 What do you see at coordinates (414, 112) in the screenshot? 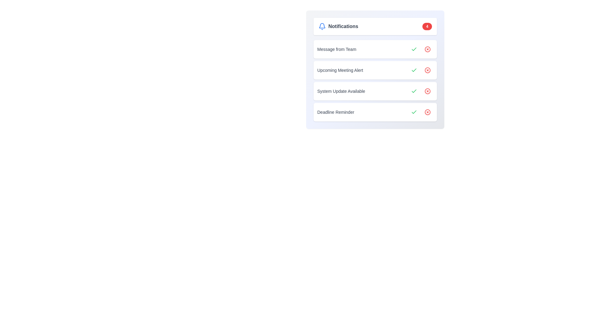
I see `the completed action icon related to the 'Deadline Reminder' notification, located to the right of the 'Deadline Reminder' text in the fourth row of the notification list` at bounding box center [414, 112].